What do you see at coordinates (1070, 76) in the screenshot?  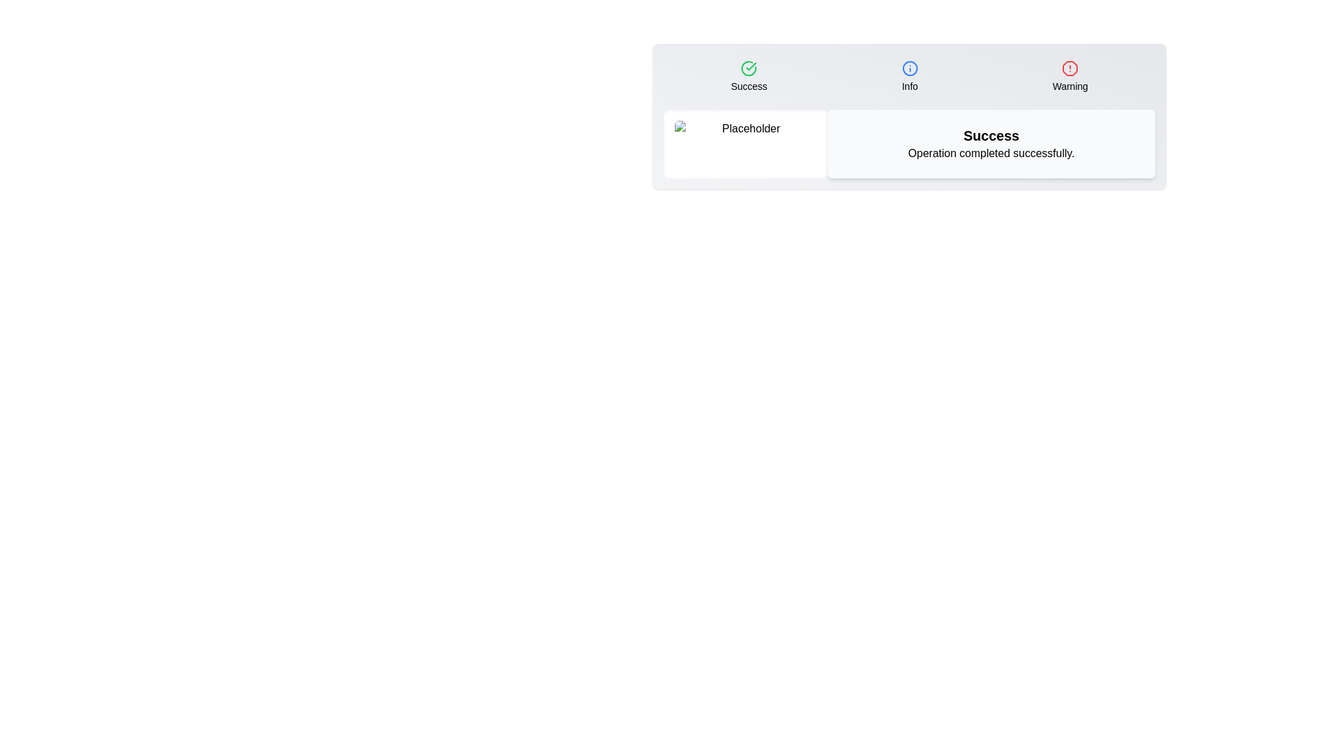 I see `the Warning tab to activate it` at bounding box center [1070, 76].